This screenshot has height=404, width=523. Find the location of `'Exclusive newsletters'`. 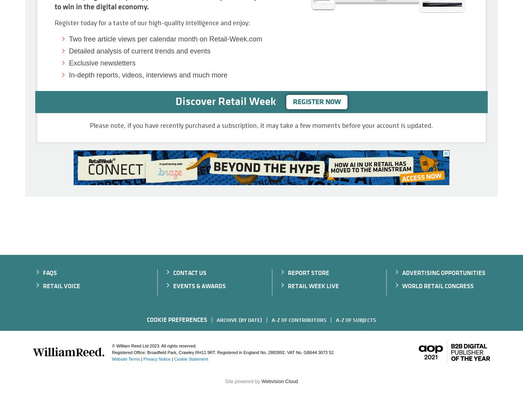

'Exclusive newsletters' is located at coordinates (102, 62).